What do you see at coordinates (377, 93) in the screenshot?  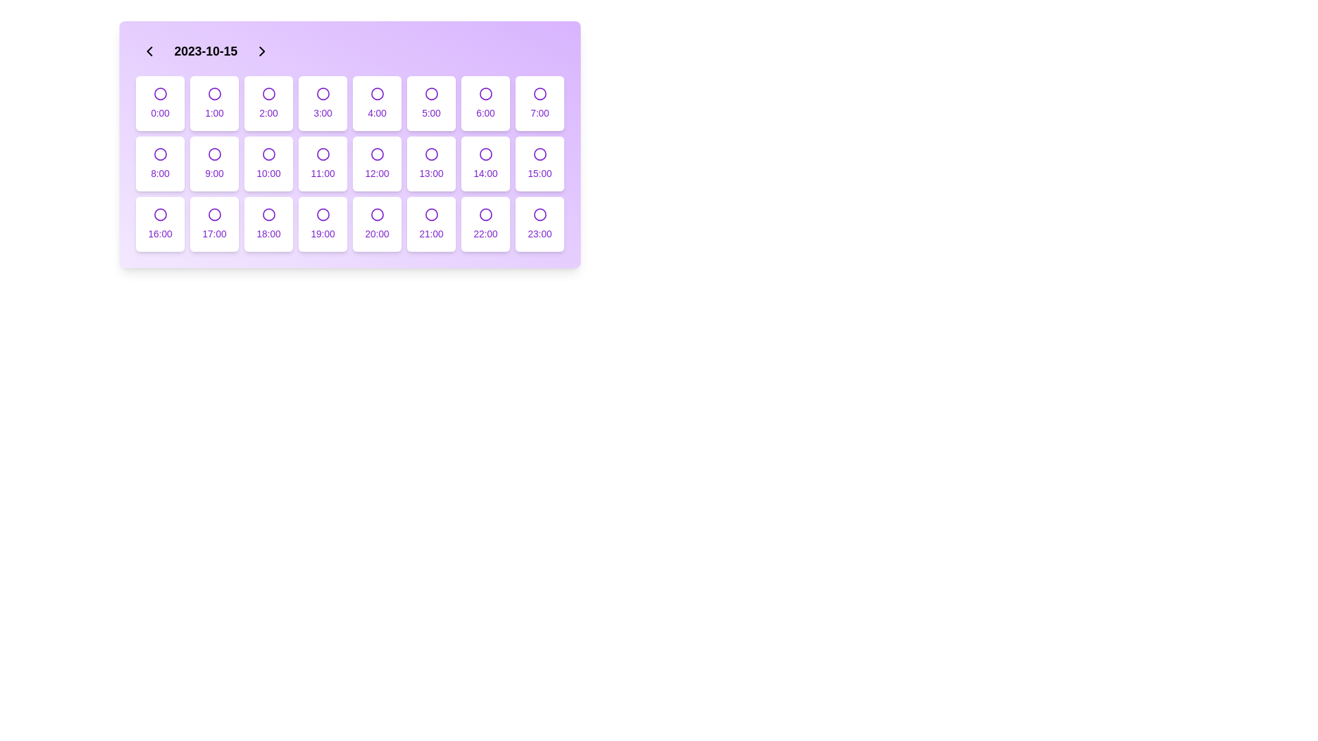 I see `the circular SVG element with a purple stroke, which is nested within a button displaying the text '4:00'` at bounding box center [377, 93].